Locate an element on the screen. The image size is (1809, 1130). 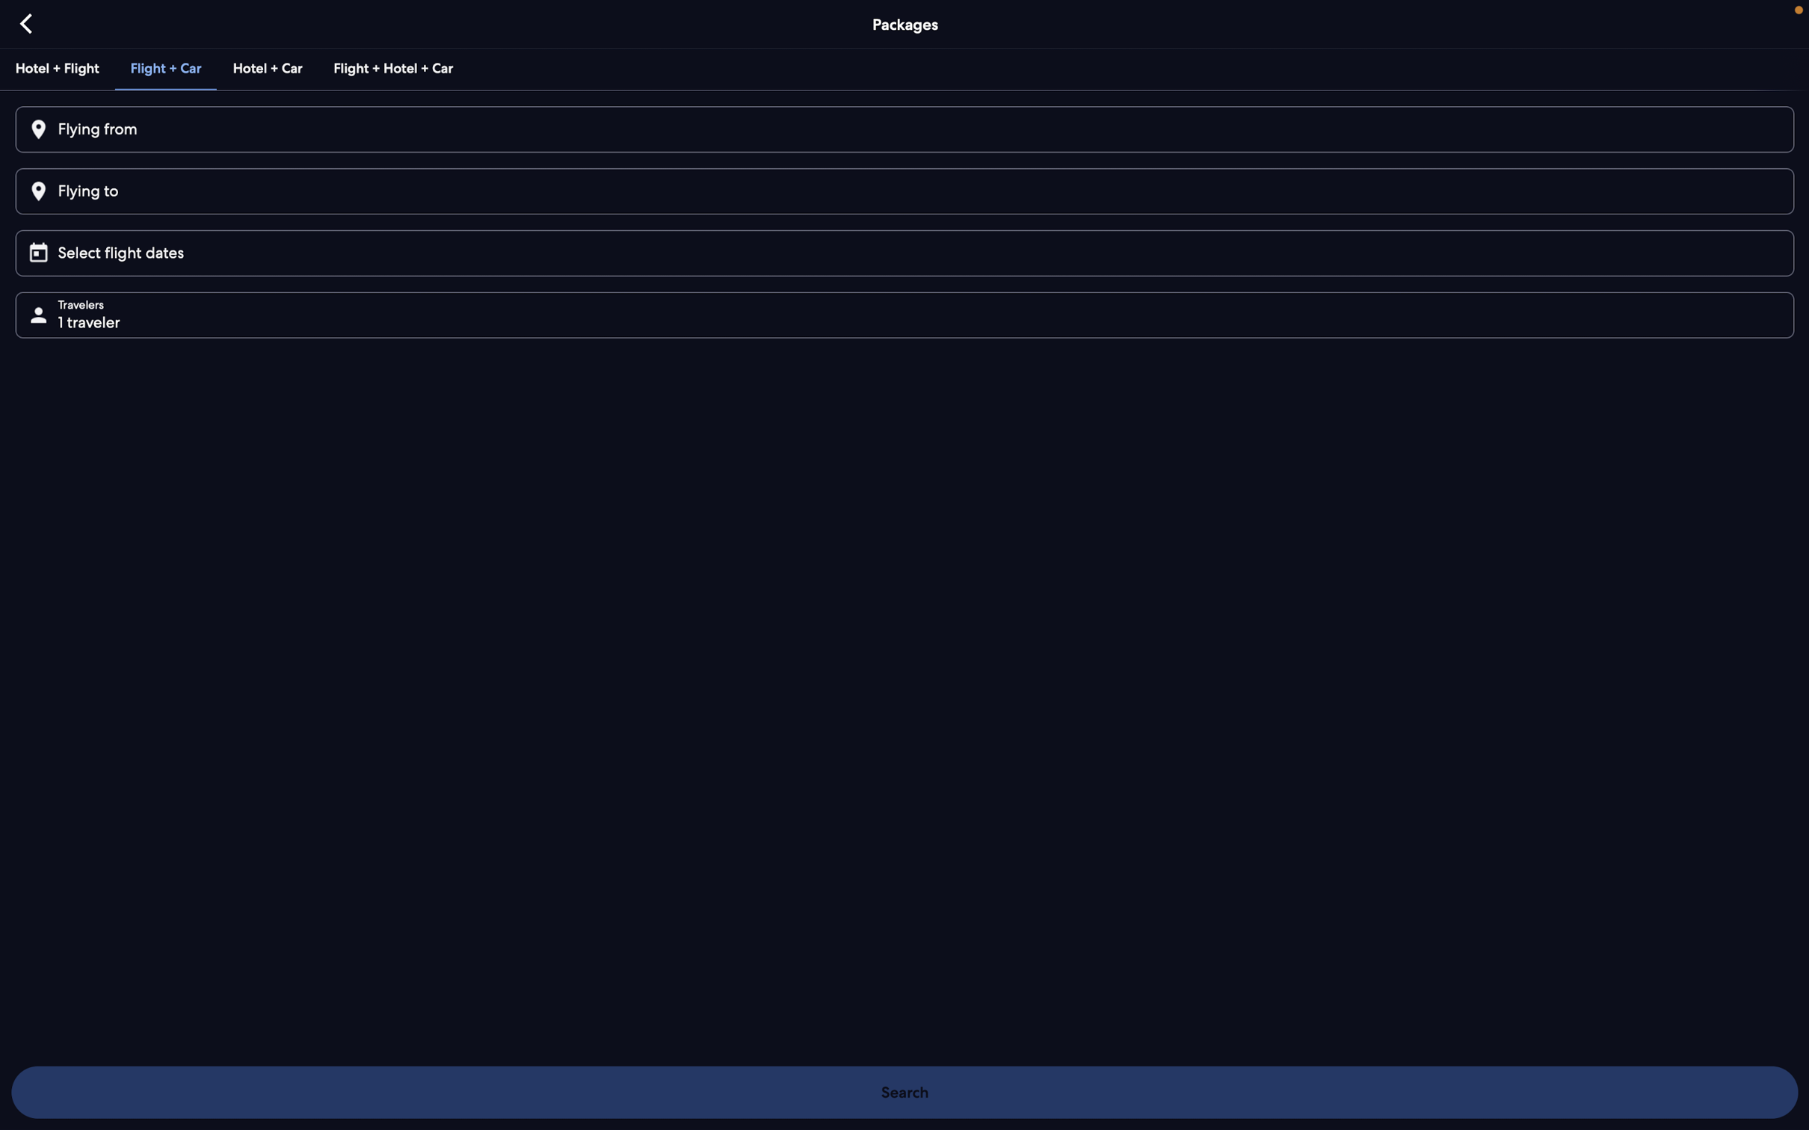
the options to change the number of travellers is located at coordinates (910, 313).